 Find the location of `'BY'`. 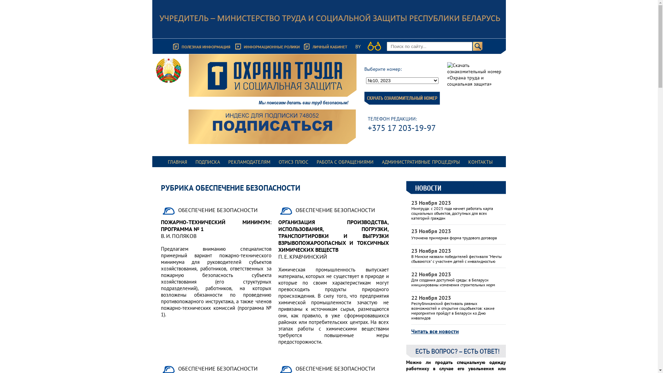

'BY' is located at coordinates (355, 47).